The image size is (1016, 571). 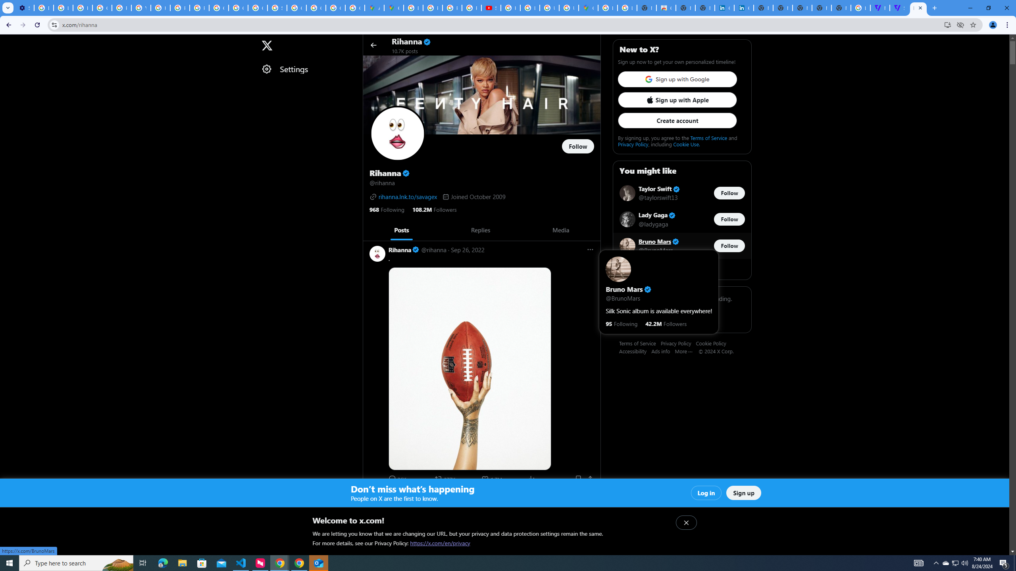 What do you see at coordinates (918, 8) in the screenshot?
I see `'Rihanna (@rihanna) / X'` at bounding box center [918, 8].